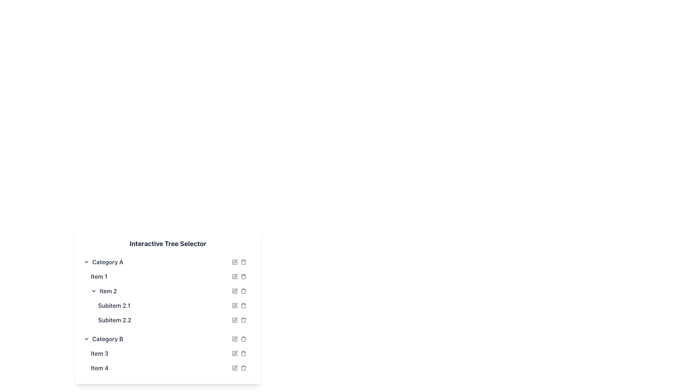 The height and width of the screenshot is (392, 698). Describe the element at coordinates (235, 353) in the screenshot. I see `keyboard navigation` at that location.